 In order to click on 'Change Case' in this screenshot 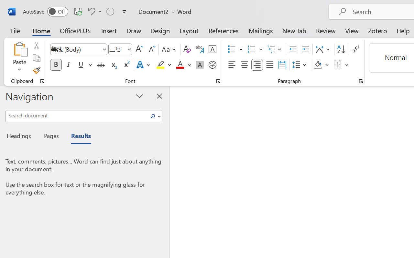, I will do `click(169, 49)`.